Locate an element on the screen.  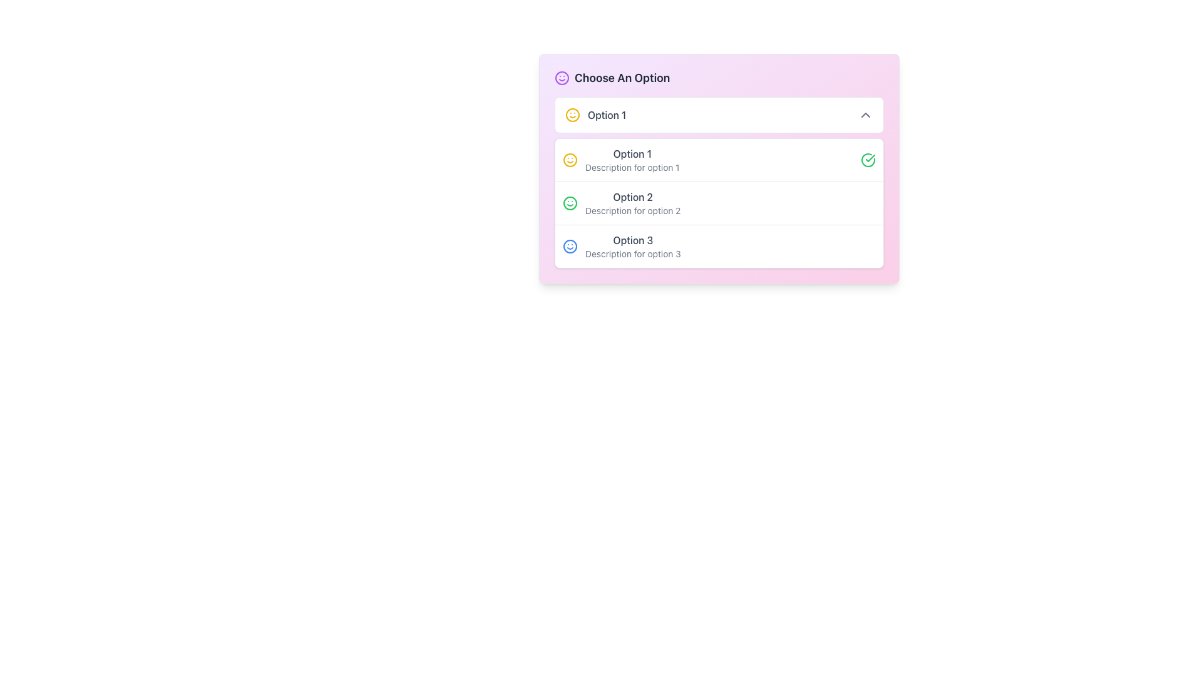
to select the list item labeled 'Option 2', which is the second item in a list of options, centrally positioned below the first option and above the third option is located at coordinates (633, 202).